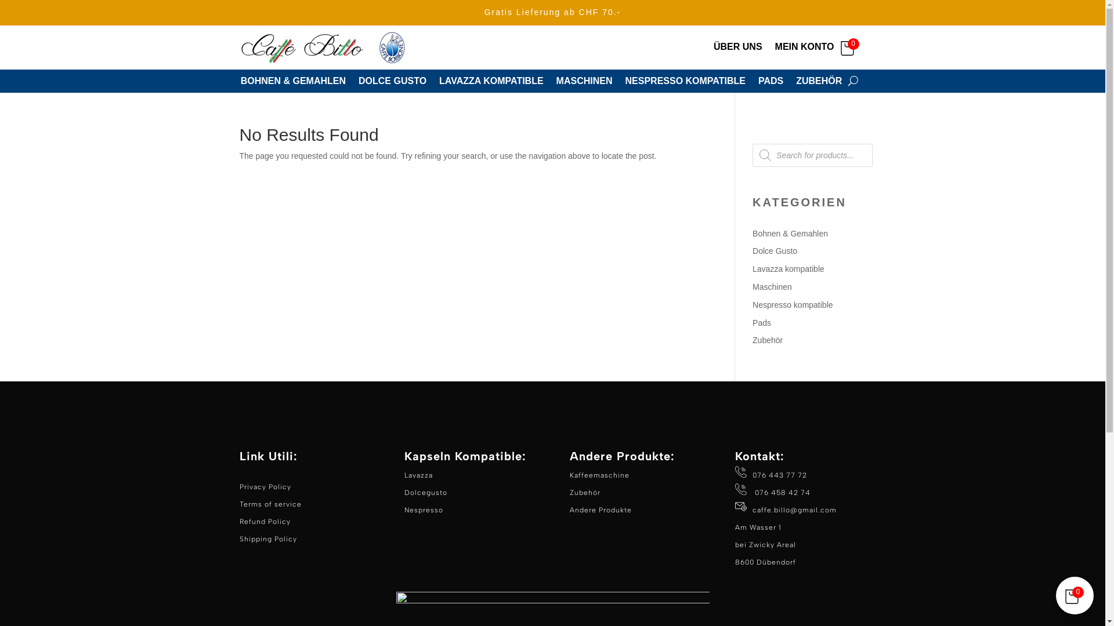 This screenshot has height=626, width=1114. I want to click on 'ahdd6-afs0n', so click(325, 46).